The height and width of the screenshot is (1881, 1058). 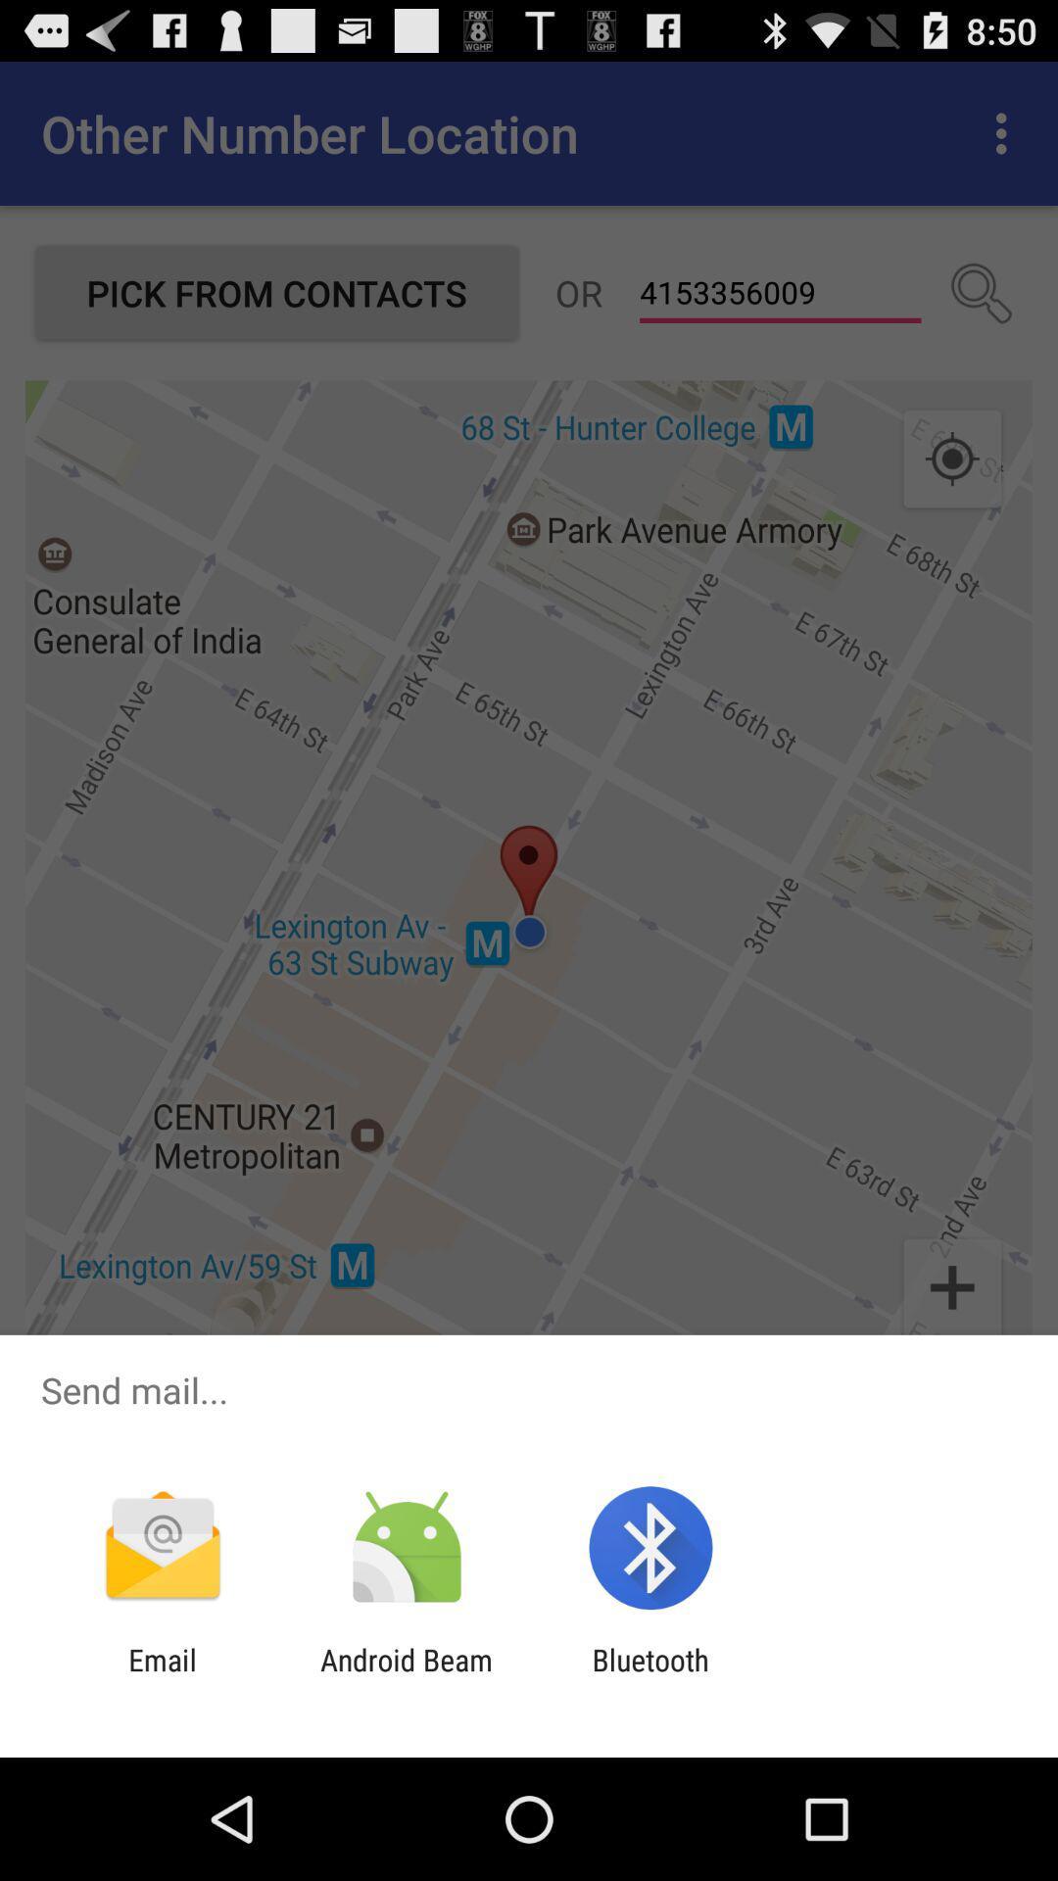 I want to click on the android beam app, so click(x=406, y=1676).